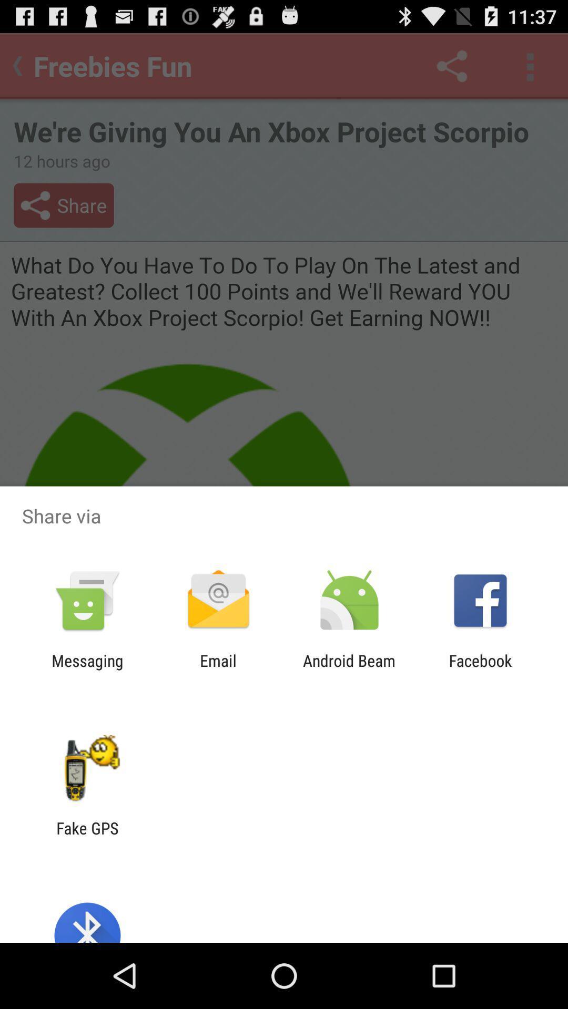 The height and width of the screenshot is (1009, 568). I want to click on messaging app, so click(87, 670).